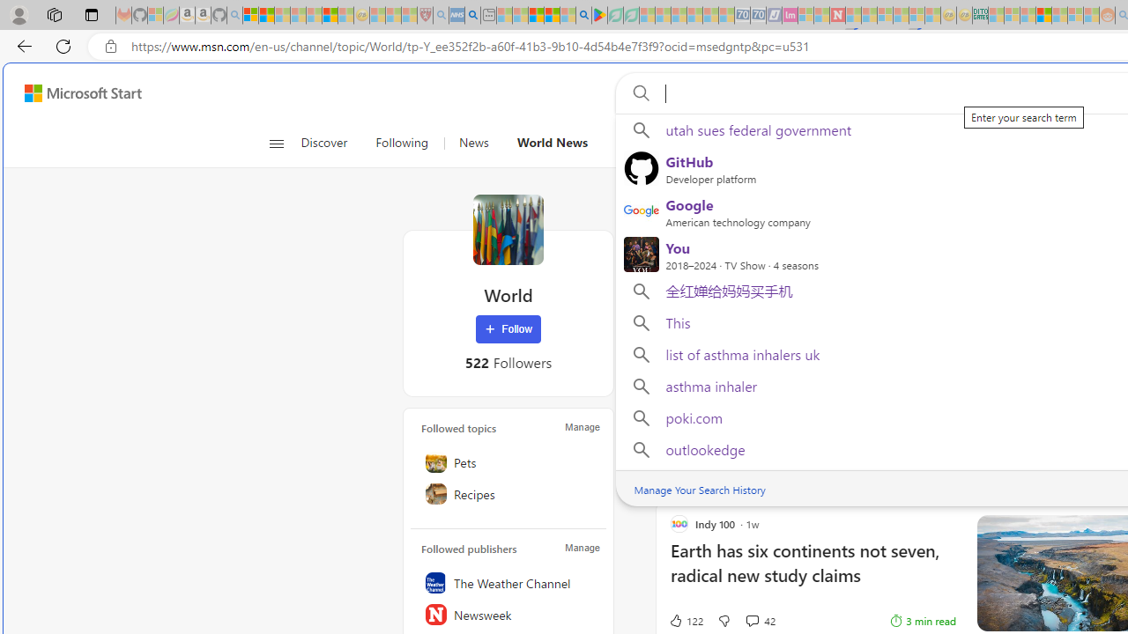 The width and height of the screenshot is (1128, 634). What do you see at coordinates (1043, 15) in the screenshot?
I see `'Expert Portfolios'` at bounding box center [1043, 15].